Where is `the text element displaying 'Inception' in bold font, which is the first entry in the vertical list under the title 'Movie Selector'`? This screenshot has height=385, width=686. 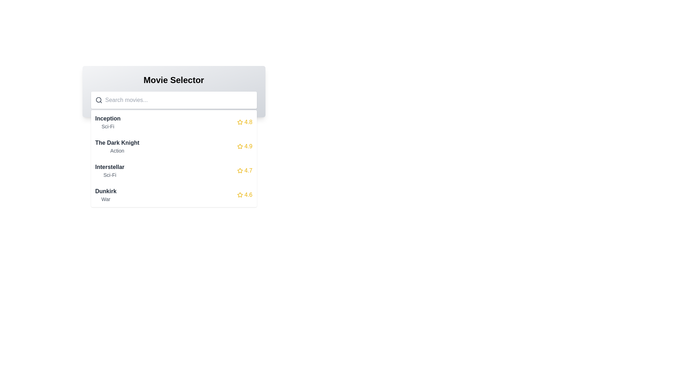 the text element displaying 'Inception' in bold font, which is the first entry in the vertical list under the title 'Movie Selector' is located at coordinates (108, 118).